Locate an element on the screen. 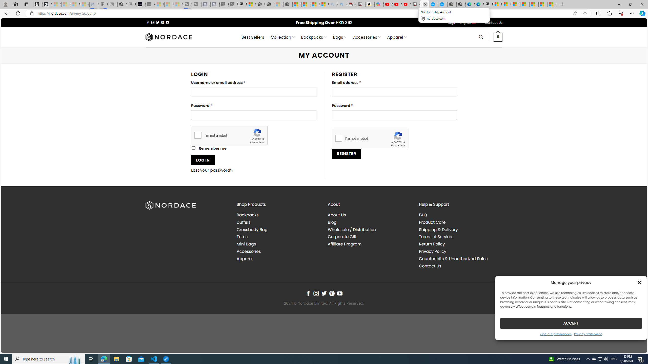 The width and height of the screenshot is (648, 364). 'The most popular Google ' is located at coordinates (442, 4).